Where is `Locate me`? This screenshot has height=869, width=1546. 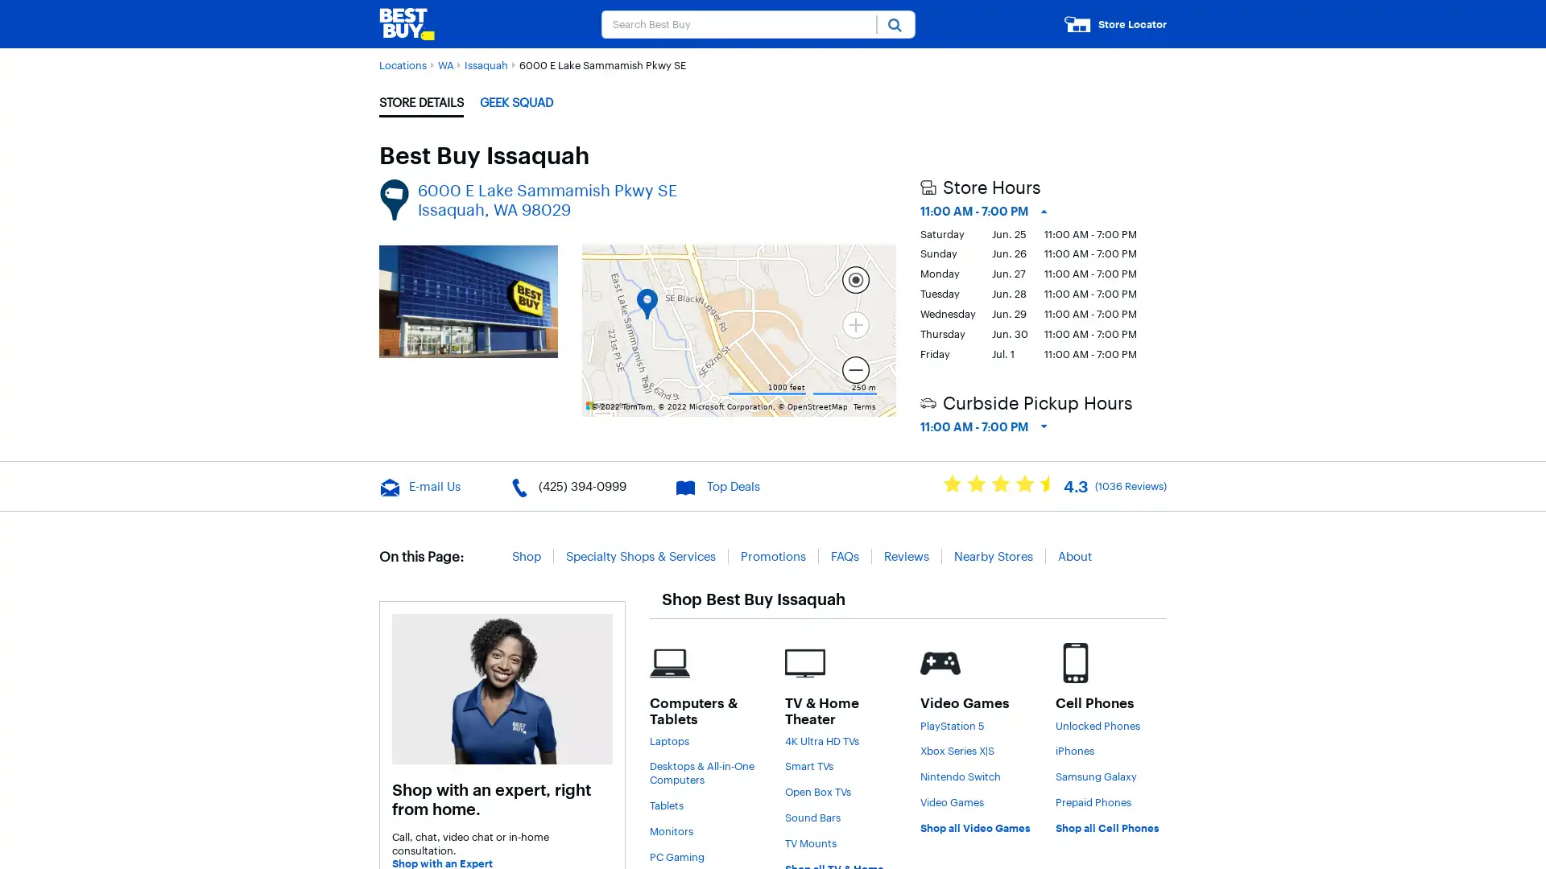 Locate me is located at coordinates (854, 278).